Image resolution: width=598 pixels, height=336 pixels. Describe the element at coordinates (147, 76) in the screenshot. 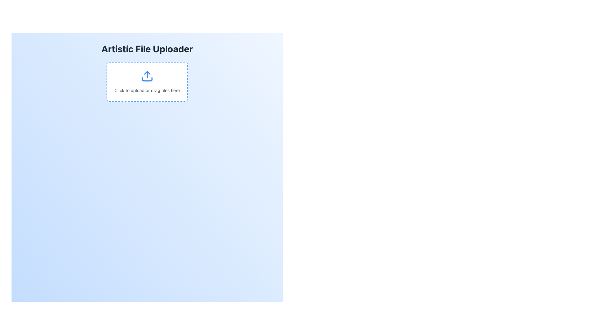

I see `the upload icon that visually represents an upload action, located at the center of the drag-and-drop upload box under the label 'Click to upload or drag files here'` at that location.